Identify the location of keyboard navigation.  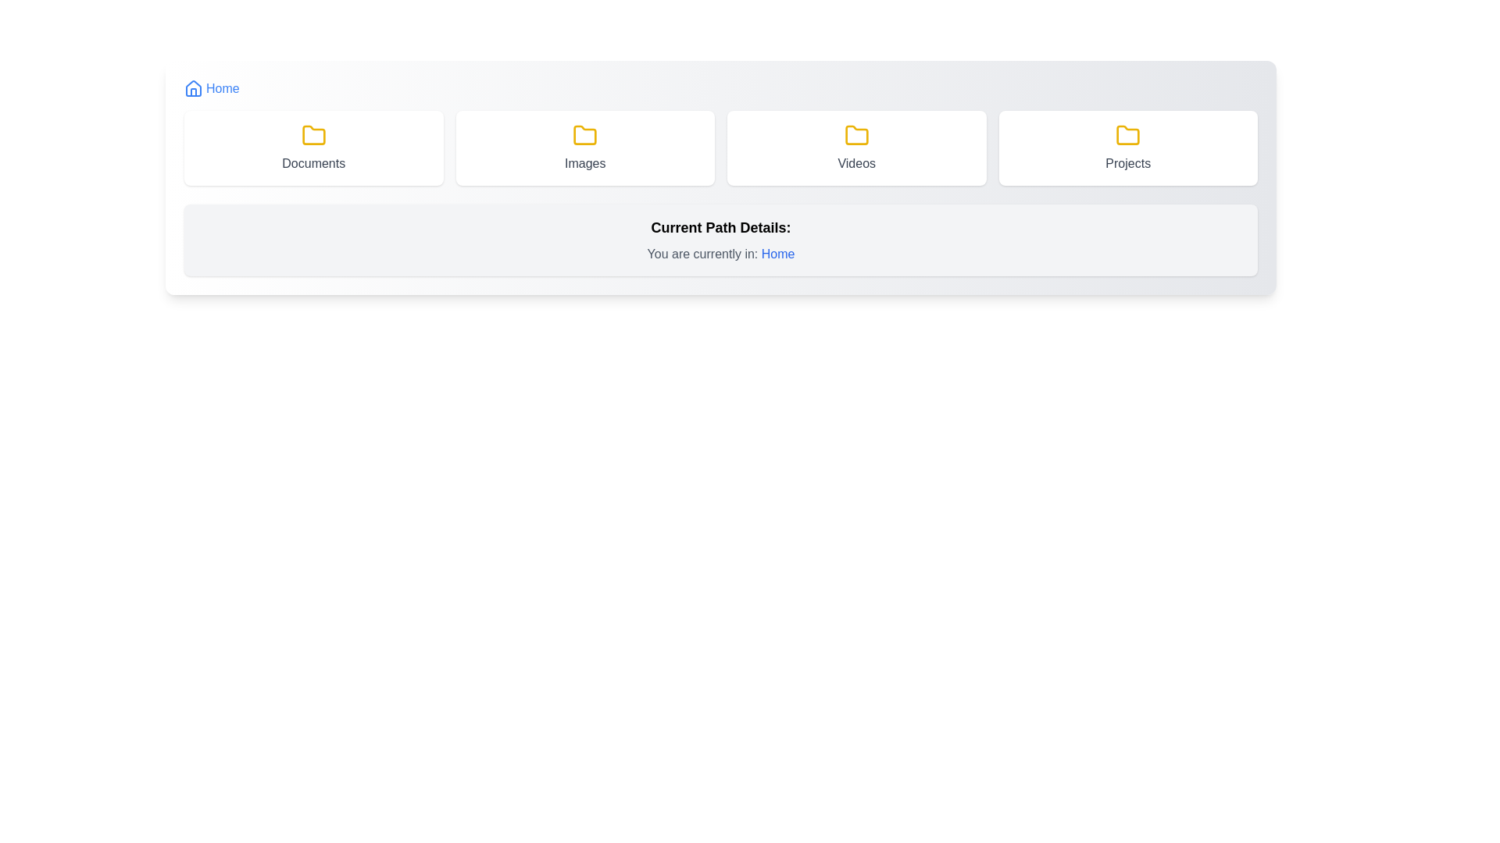
(855, 148).